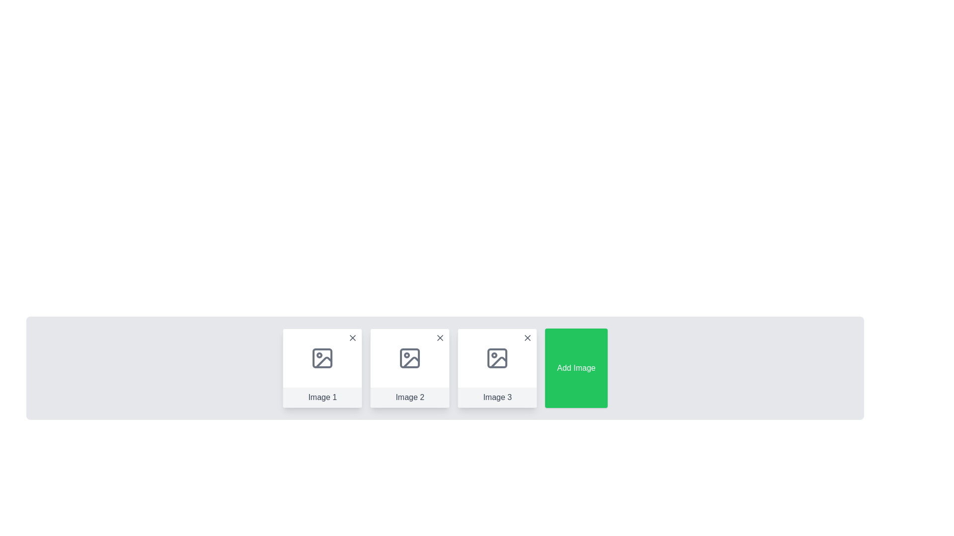 This screenshot has width=954, height=536. I want to click on the square icon featuring a gray image with a mountain symbol and a circular sun, so click(322, 358).